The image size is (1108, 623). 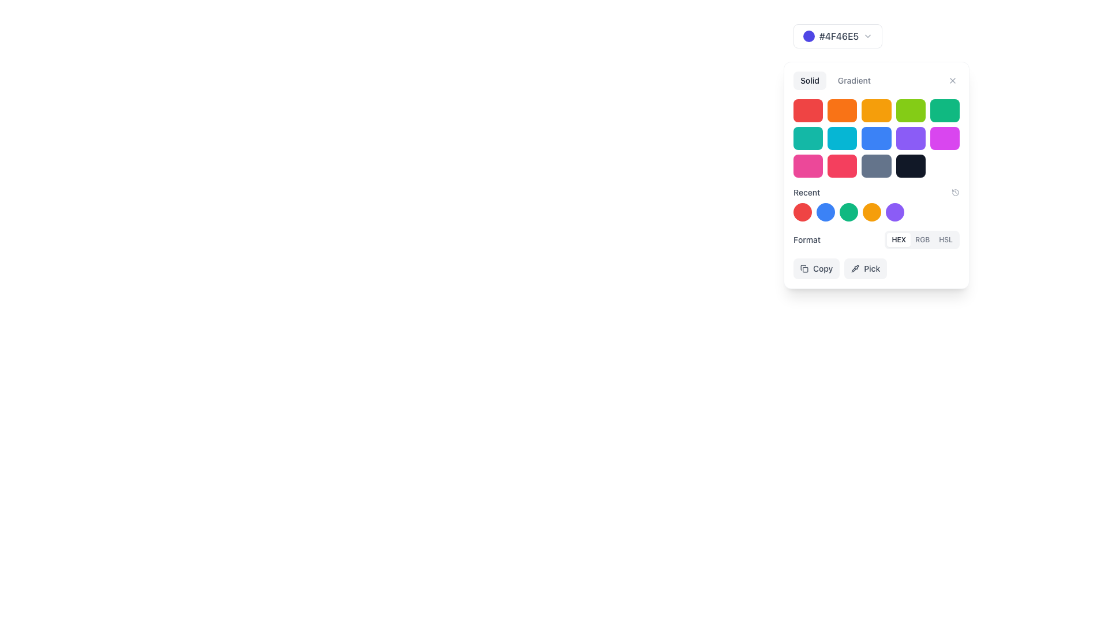 I want to click on the decorative icon representing the 'Pick' action, which is part of the button labeled 'Pick' located near the top-right area of a pop-up interface, so click(x=855, y=269).